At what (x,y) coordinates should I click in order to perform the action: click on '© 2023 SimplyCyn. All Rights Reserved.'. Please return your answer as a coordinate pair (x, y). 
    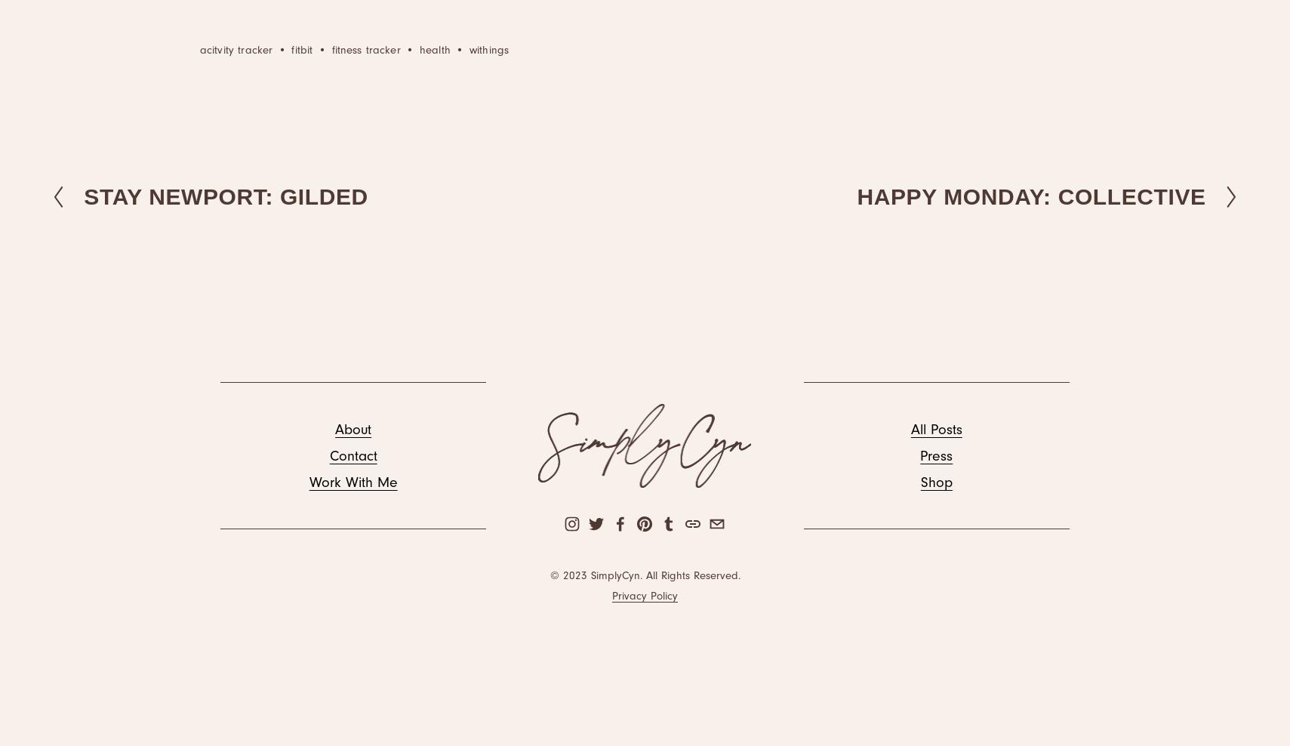
    Looking at the image, I should click on (643, 575).